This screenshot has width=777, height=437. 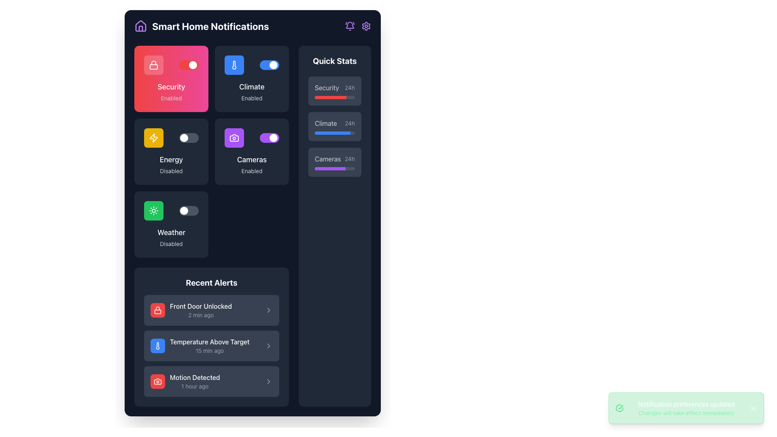 I want to click on the lock icon located in the top-left segment of the dashboard interface within the 'Security' tile, so click(x=153, y=65).